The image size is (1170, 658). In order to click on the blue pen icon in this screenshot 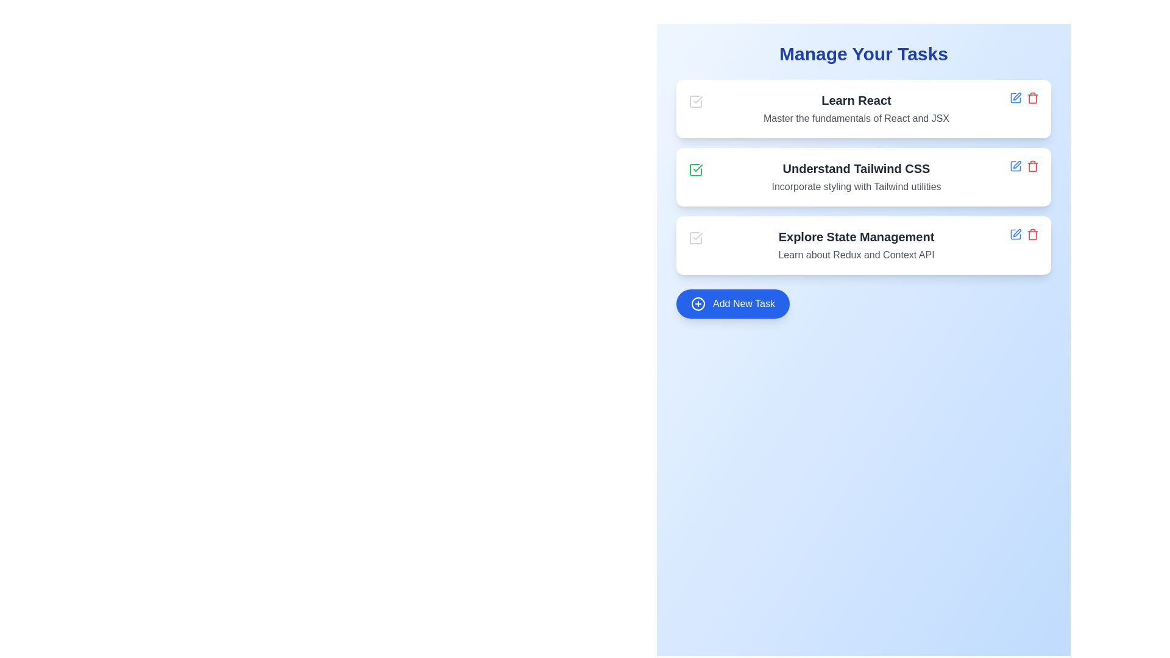, I will do `click(1015, 166)`.